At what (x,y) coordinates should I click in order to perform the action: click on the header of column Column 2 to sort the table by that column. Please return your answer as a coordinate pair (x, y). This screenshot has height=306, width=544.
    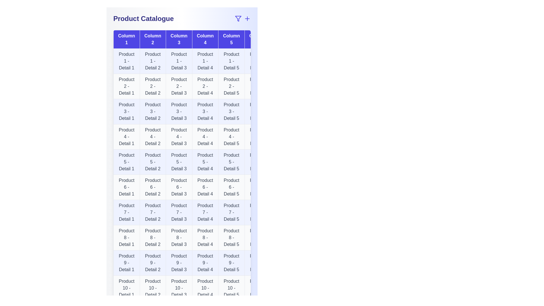
    Looking at the image, I should click on (153, 39).